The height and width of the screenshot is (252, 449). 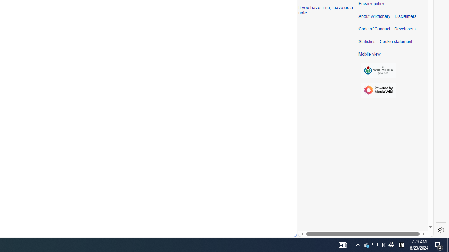 I want to click on 'Disclaimers', so click(x=405, y=16).